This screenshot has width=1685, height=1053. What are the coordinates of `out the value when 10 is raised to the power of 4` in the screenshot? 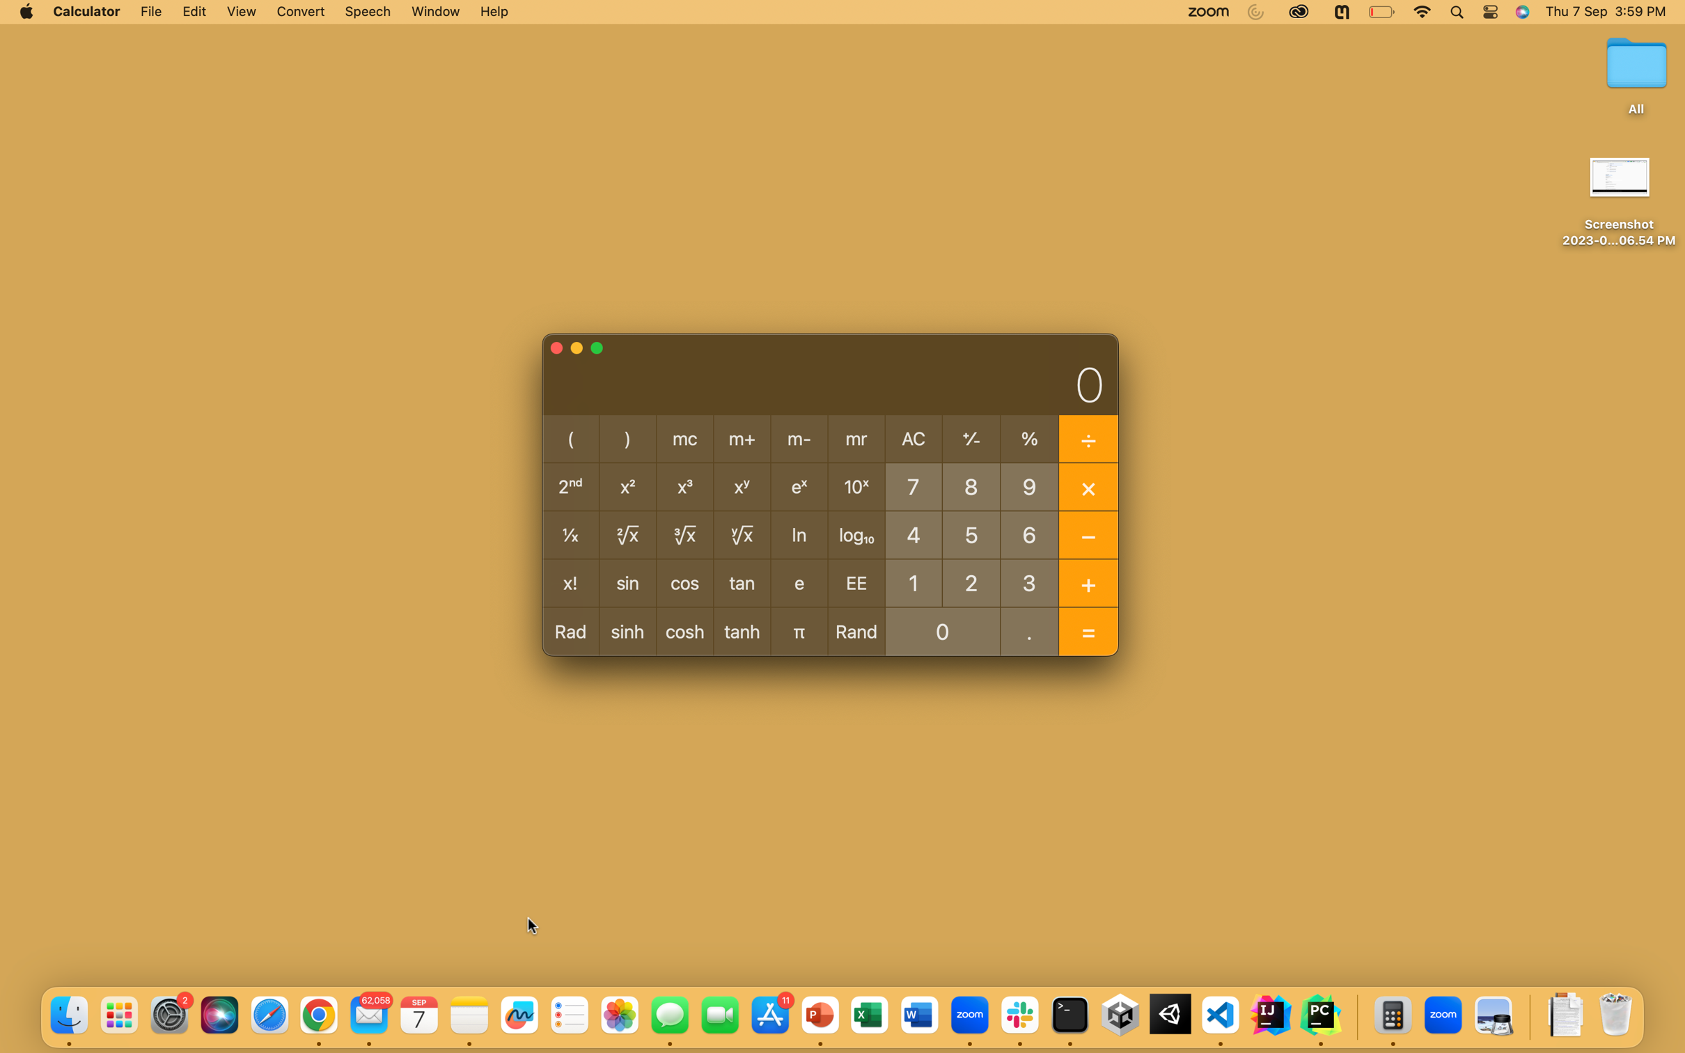 It's located at (911, 534).